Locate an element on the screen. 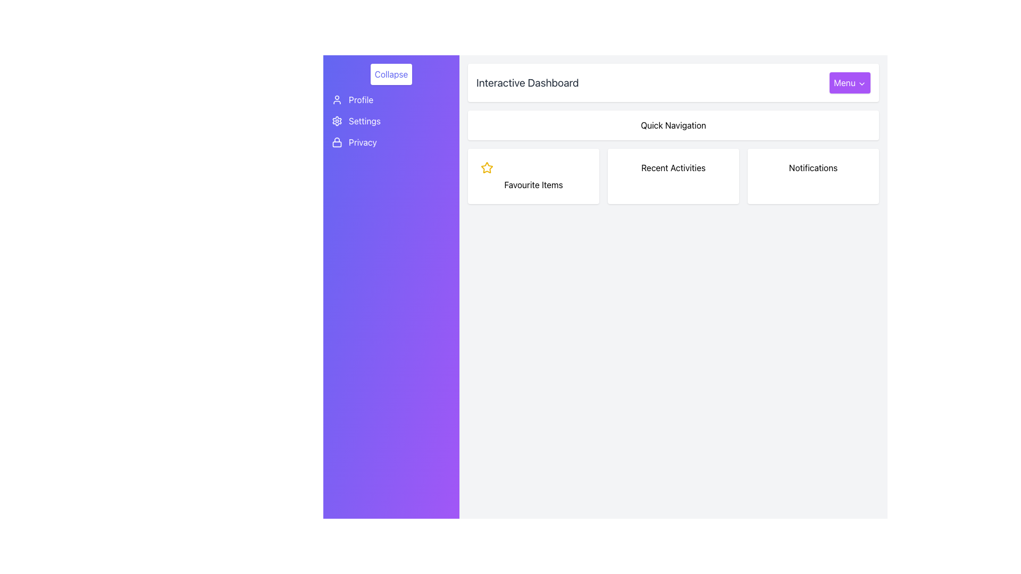 This screenshot has height=574, width=1021. the menu trigger button located at the top-right corner of the 'Interactive Dashboard' header section is located at coordinates (849, 82).